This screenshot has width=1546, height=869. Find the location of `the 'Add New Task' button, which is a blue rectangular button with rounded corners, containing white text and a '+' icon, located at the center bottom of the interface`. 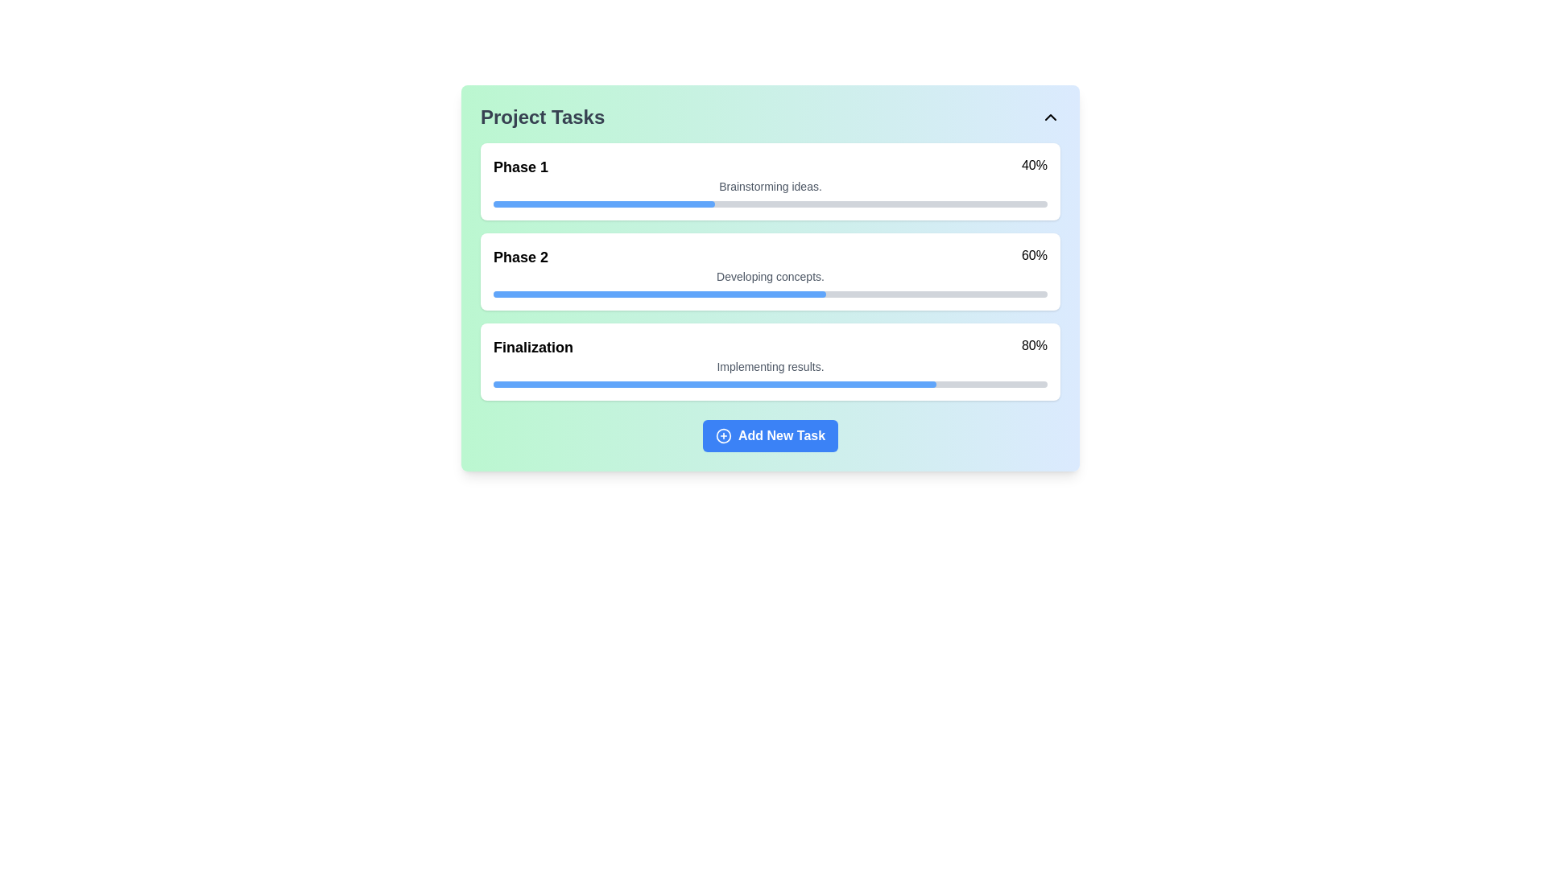

the 'Add New Task' button, which is a blue rectangular button with rounded corners, containing white text and a '+' icon, located at the center bottom of the interface is located at coordinates (769, 436).